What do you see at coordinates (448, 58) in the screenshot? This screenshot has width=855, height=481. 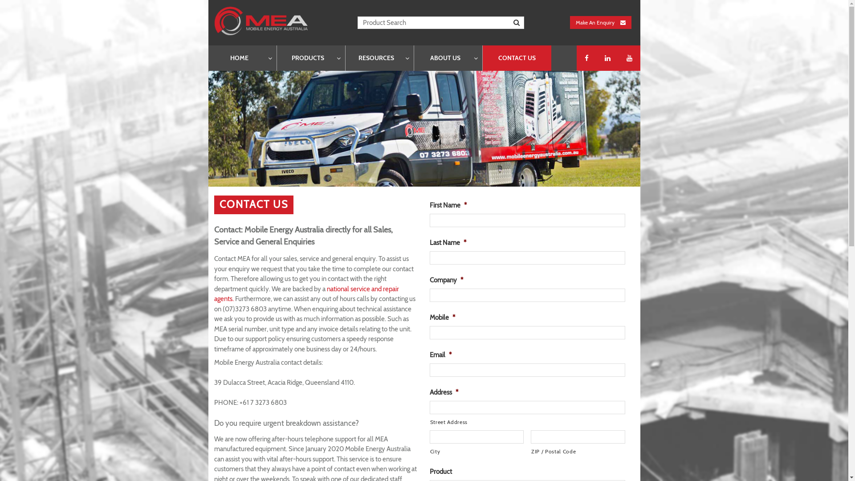 I see `'ABOUT US'` at bounding box center [448, 58].